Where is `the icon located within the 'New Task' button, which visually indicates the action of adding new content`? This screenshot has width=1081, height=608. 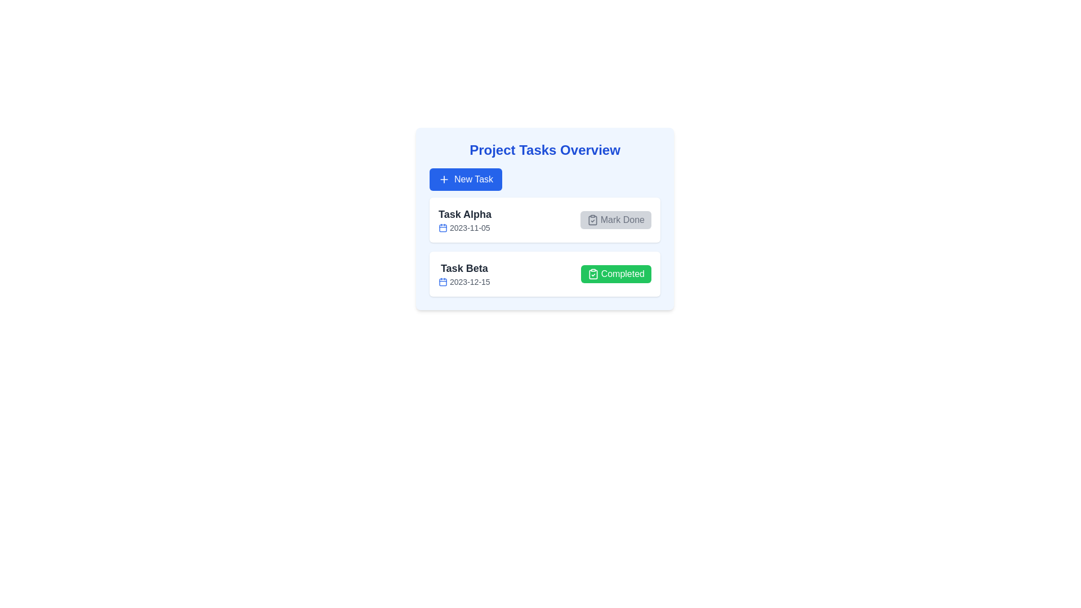 the icon located within the 'New Task' button, which visually indicates the action of adding new content is located at coordinates (443, 179).